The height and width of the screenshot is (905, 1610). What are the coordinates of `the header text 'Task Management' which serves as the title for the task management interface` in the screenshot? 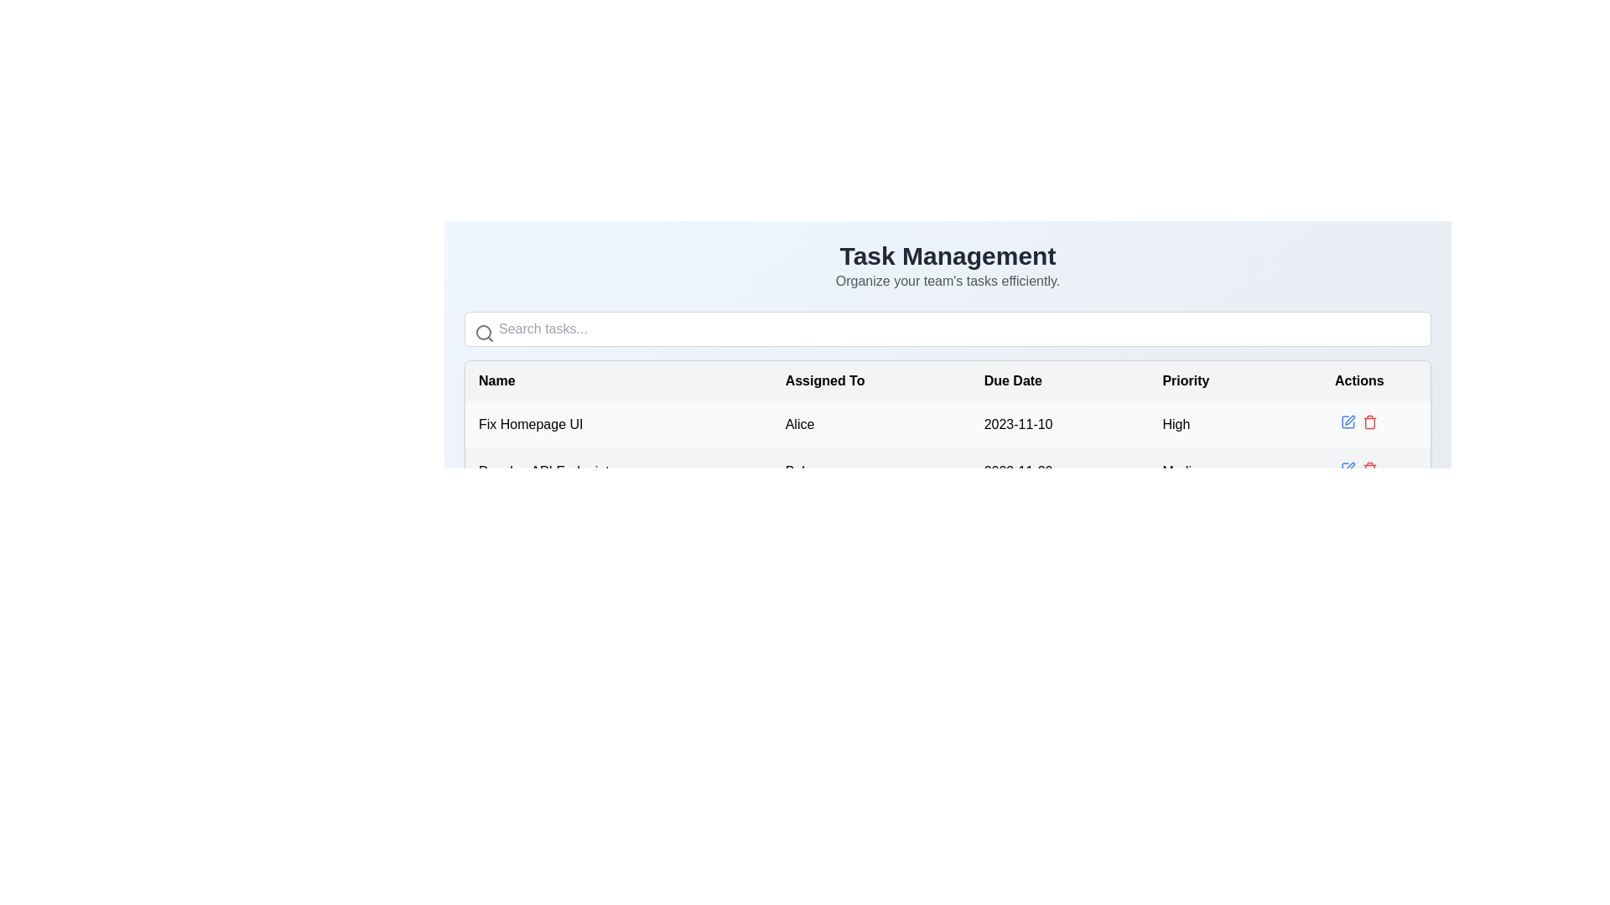 It's located at (948, 256).